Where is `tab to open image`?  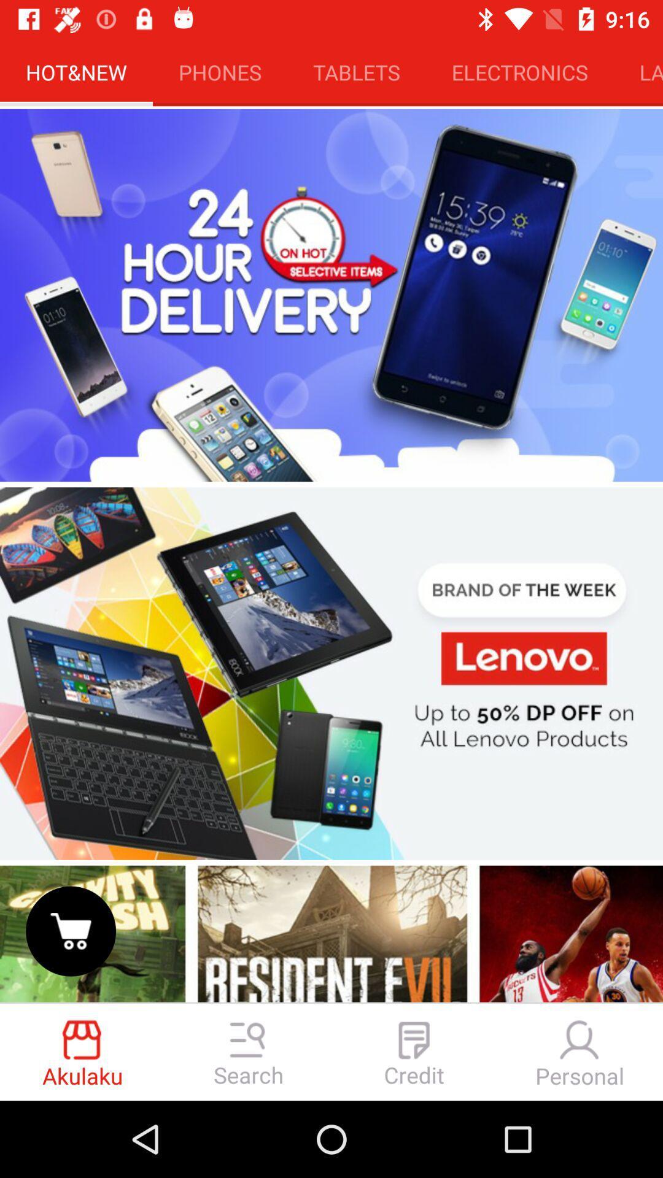
tab to open image is located at coordinates (331, 673).